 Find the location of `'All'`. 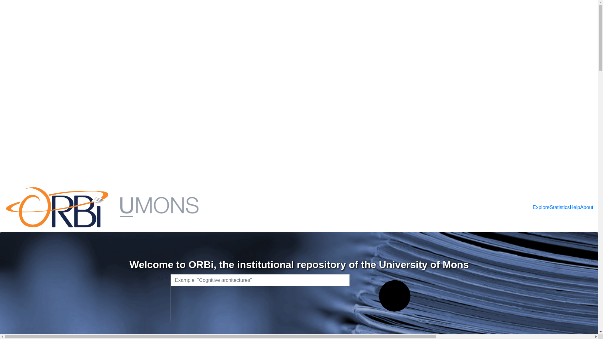

'All' is located at coordinates (157, 278).